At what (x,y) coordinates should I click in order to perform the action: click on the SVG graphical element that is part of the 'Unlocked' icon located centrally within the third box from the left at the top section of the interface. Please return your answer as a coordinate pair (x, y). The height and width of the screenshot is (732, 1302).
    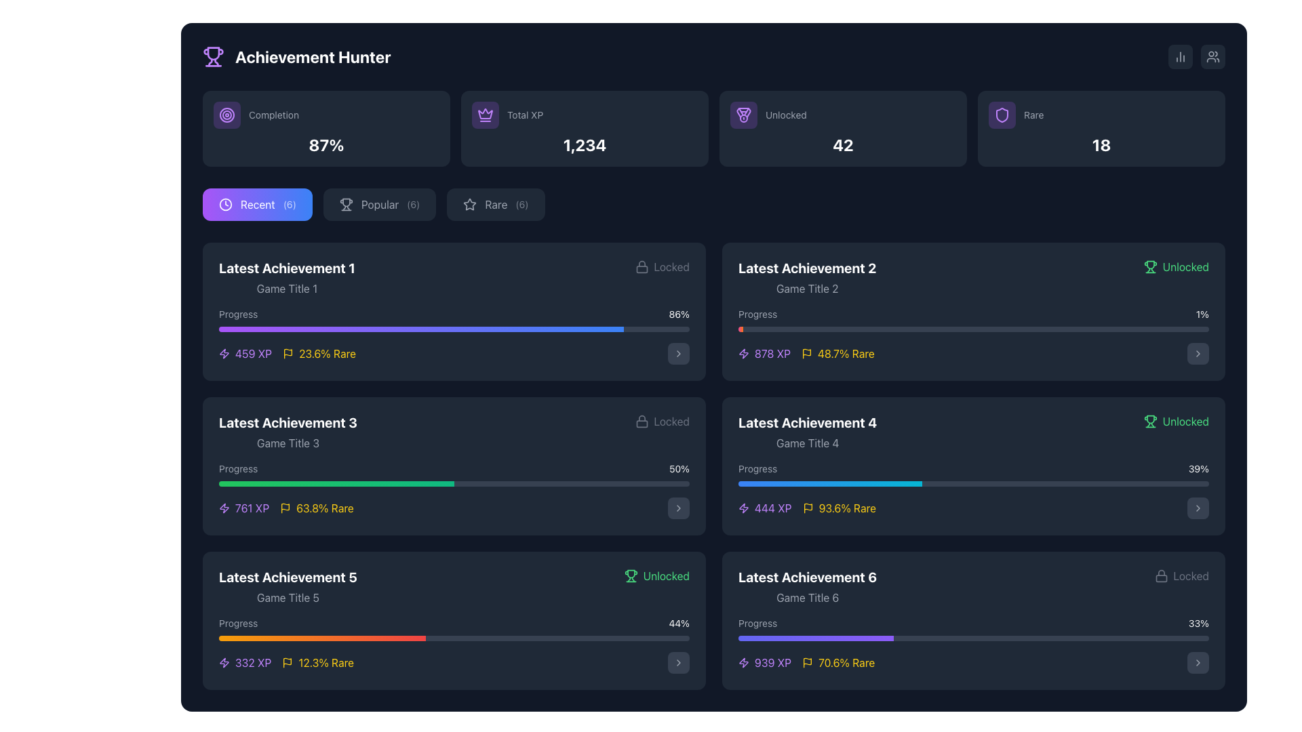
    Looking at the image, I should click on (743, 112).